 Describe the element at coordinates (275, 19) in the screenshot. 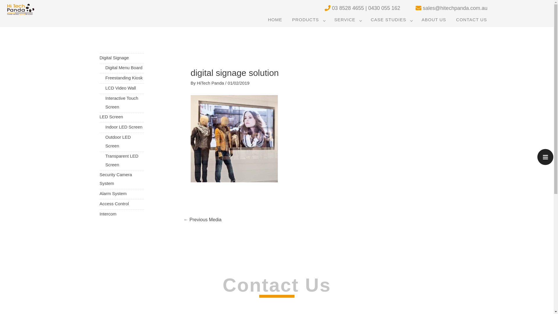

I see `'HOME'` at that location.